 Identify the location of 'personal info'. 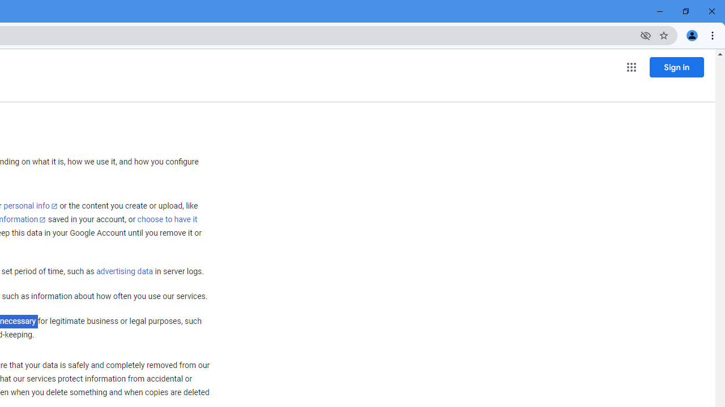
(31, 206).